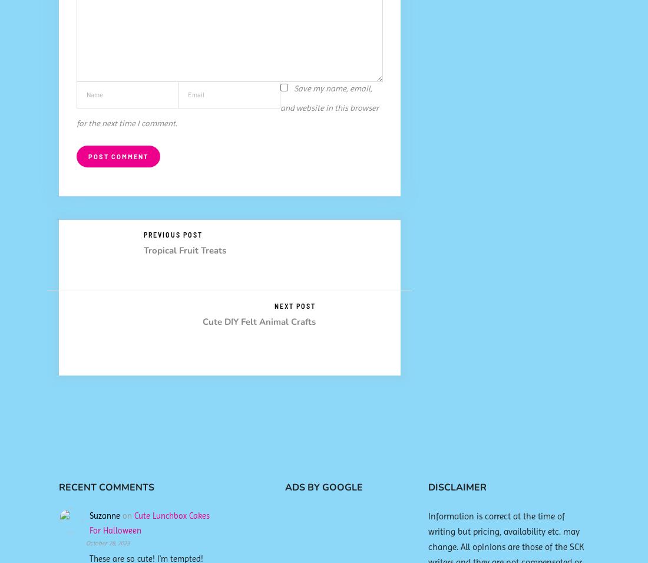 Image resolution: width=648 pixels, height=563 pixels. Describe the element at coordinates (104, 515) in the screenshot. I see `'Suzanne'` at that location.